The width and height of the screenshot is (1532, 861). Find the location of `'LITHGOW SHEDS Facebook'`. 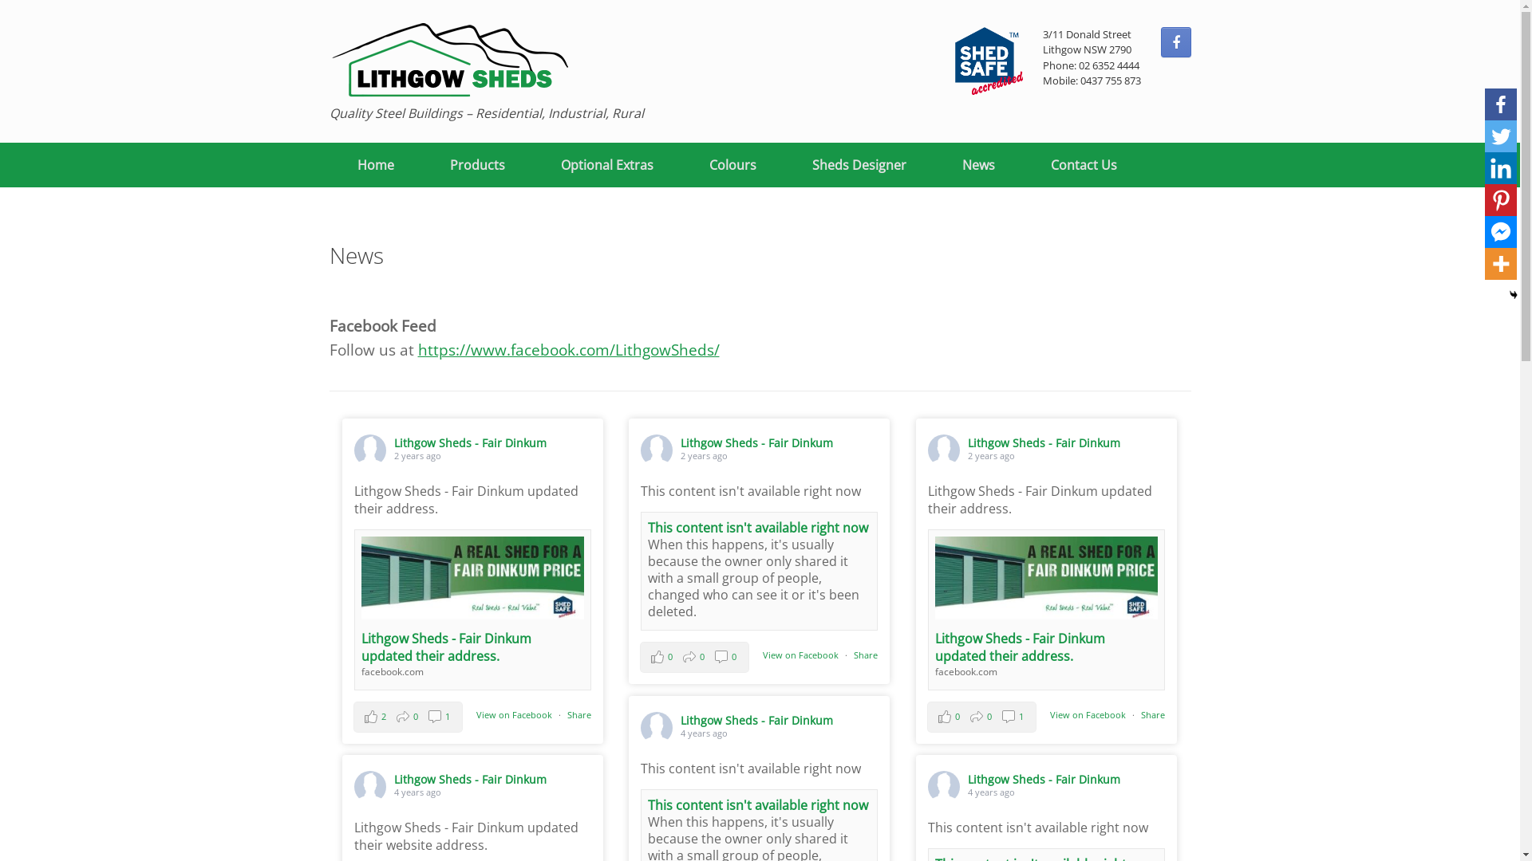

'LITHGOW SHEDS Facebook' is located at coordinates (1175, 41).